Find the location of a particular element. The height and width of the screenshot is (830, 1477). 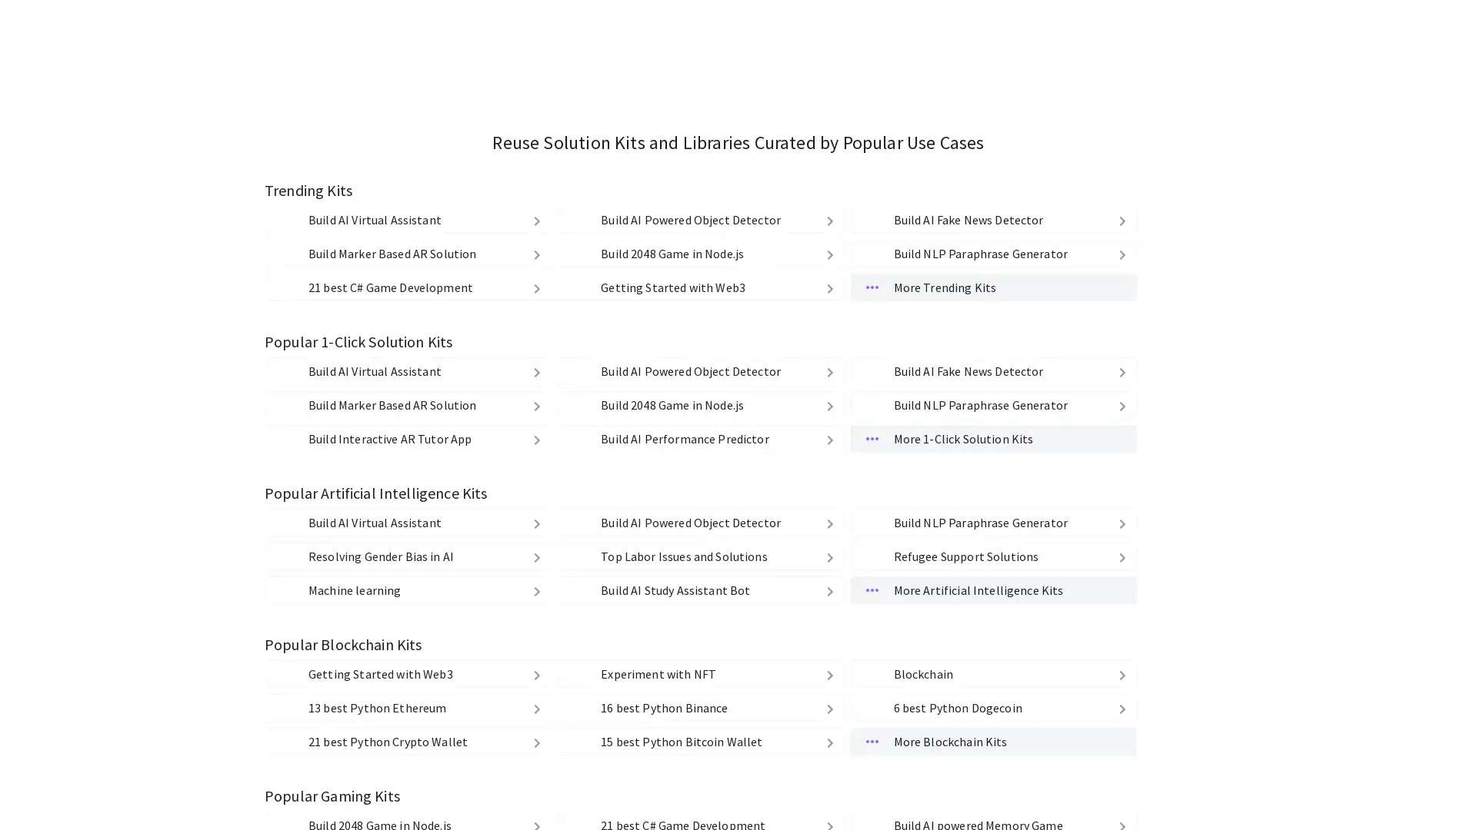

Libraries Libraries is located at coordinates (778, 453).